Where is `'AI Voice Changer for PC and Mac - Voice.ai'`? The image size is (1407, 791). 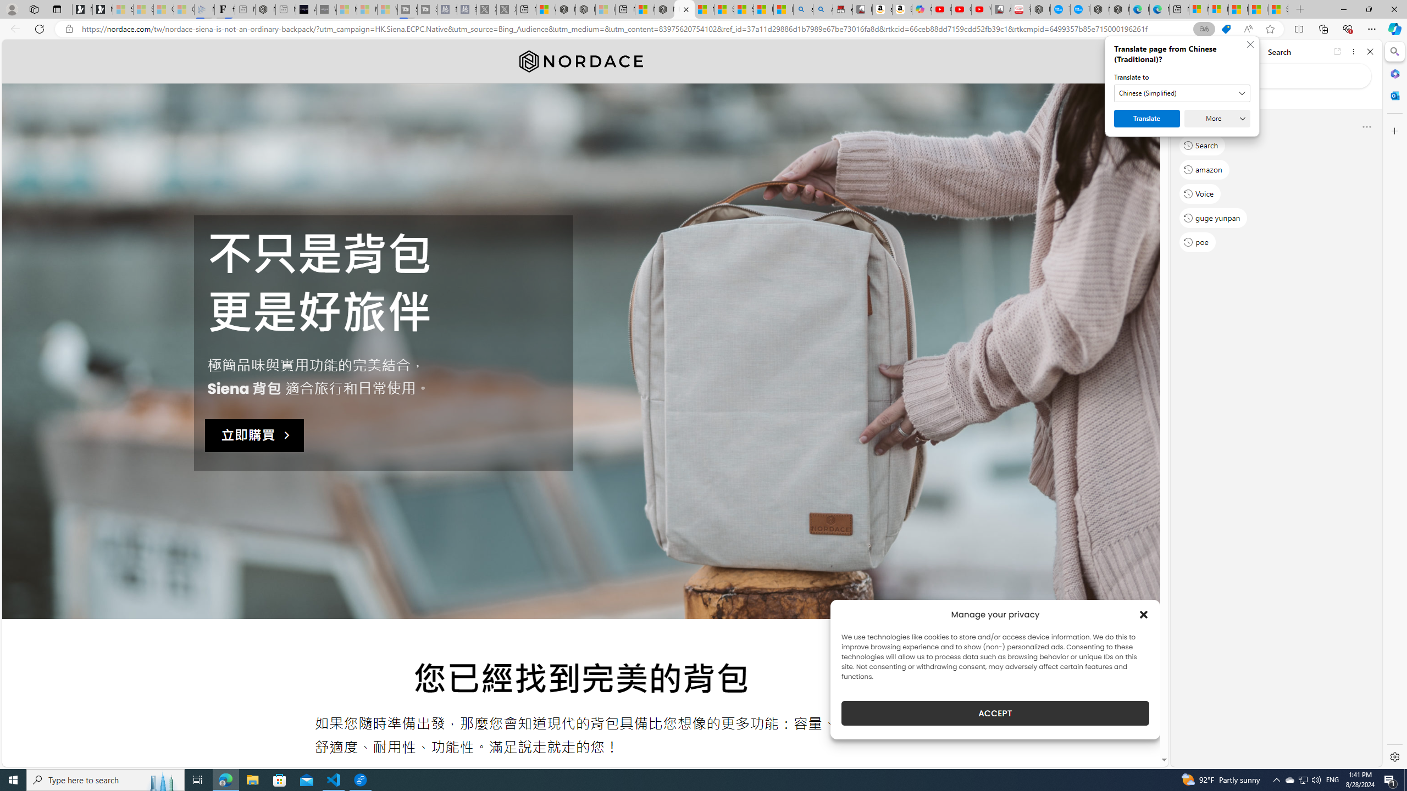
'AI Voice Changer for PC and Mac - Voice.ai' is located at coordinates (305, 9).